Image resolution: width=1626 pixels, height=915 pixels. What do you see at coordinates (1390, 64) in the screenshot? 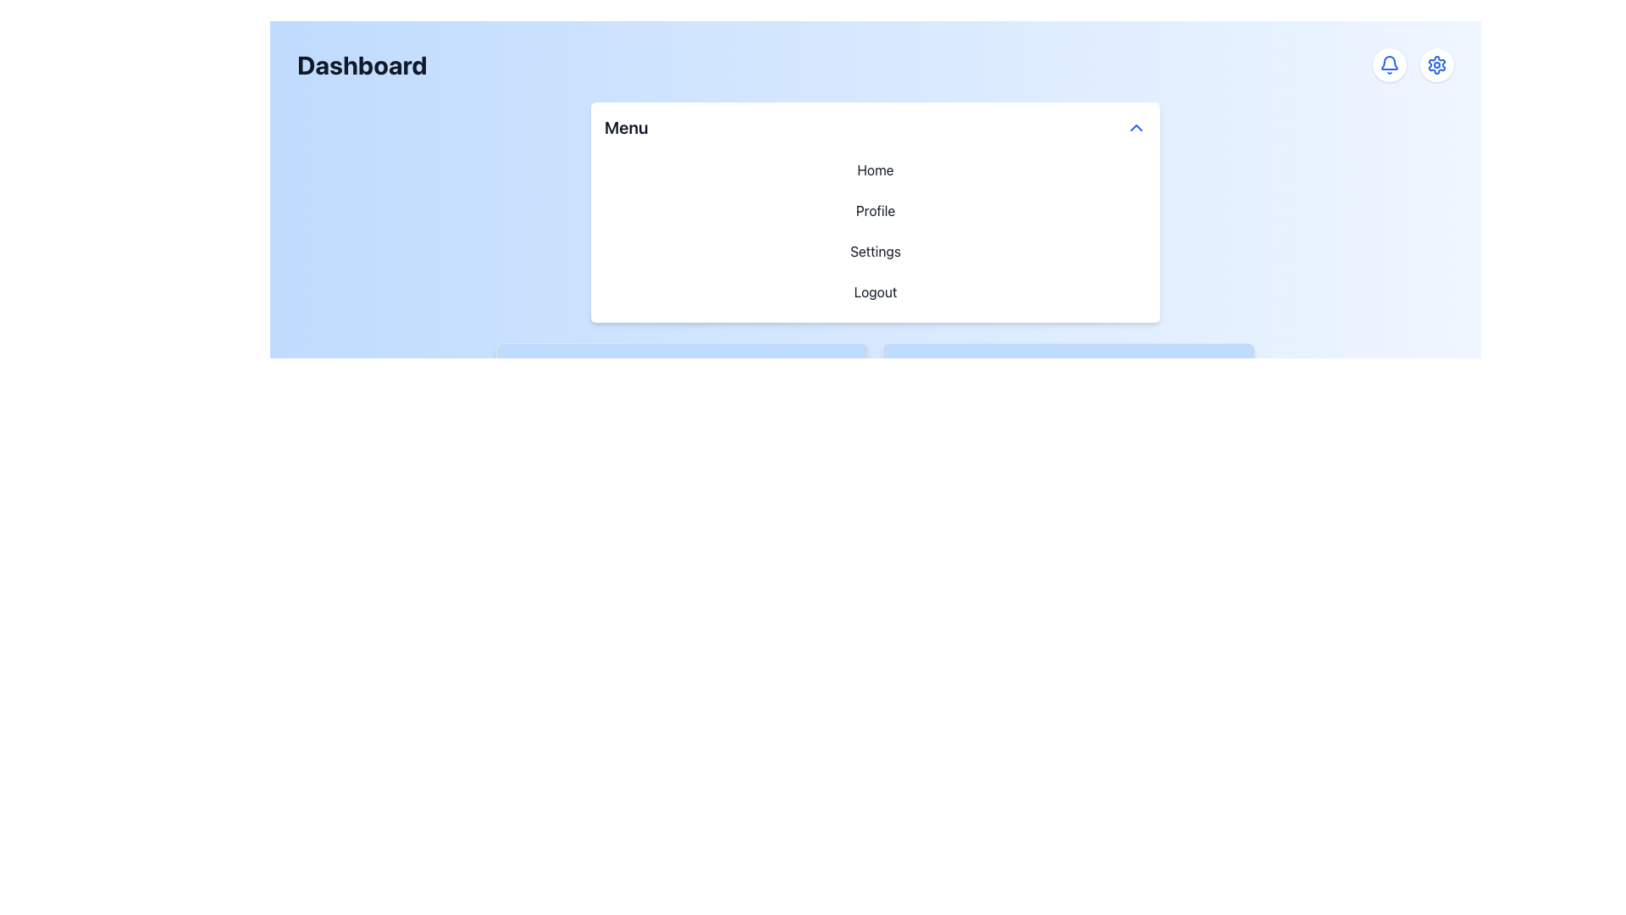
I see `the circular notification button with a blue bell icon in the top-right corner` at bounding box center [1390, 64].